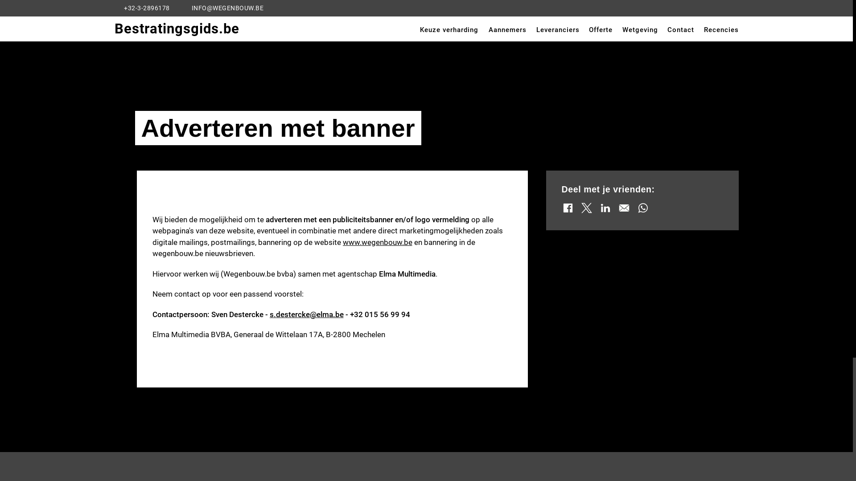 This screenshot has height=481, width=856. Describe the element at coordinates (176, 29) in the screenshot. I see `'Bestratingsgids.be'` at that location.